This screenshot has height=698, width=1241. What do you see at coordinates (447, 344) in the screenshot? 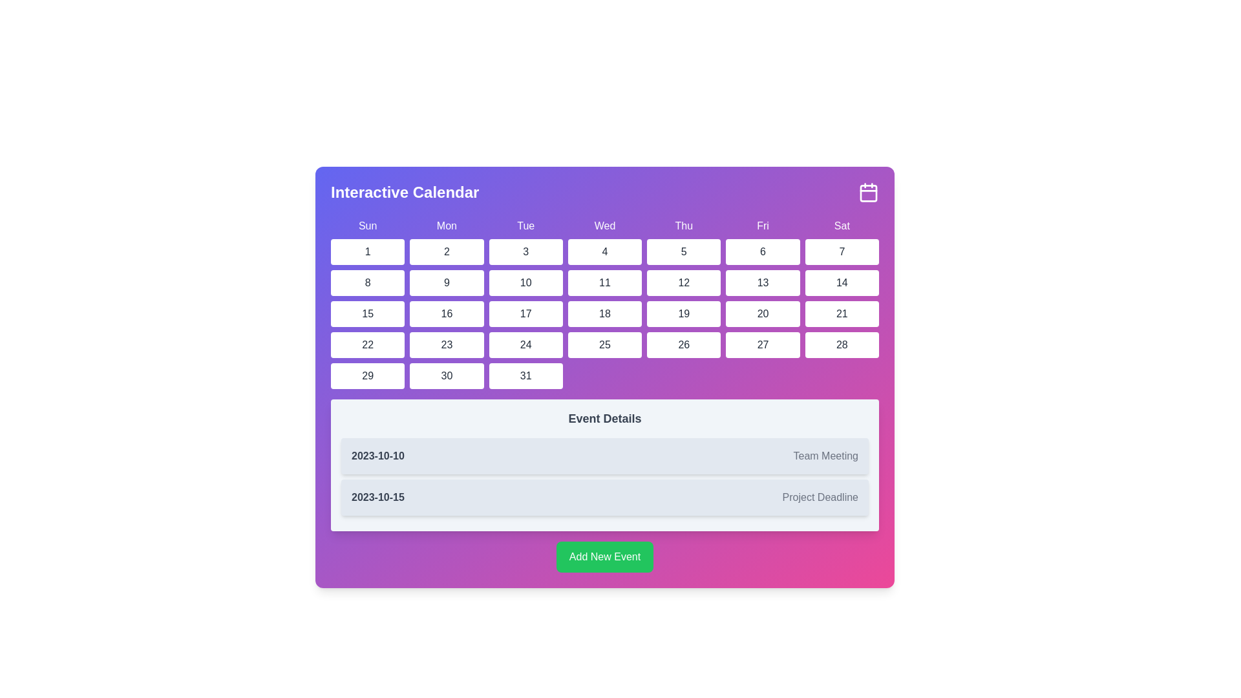
I see `the button representing the date 23rd of the month, which is the second button in the fourth row under the 'Mon' header in the calendar` at bounding box center [447, 344].